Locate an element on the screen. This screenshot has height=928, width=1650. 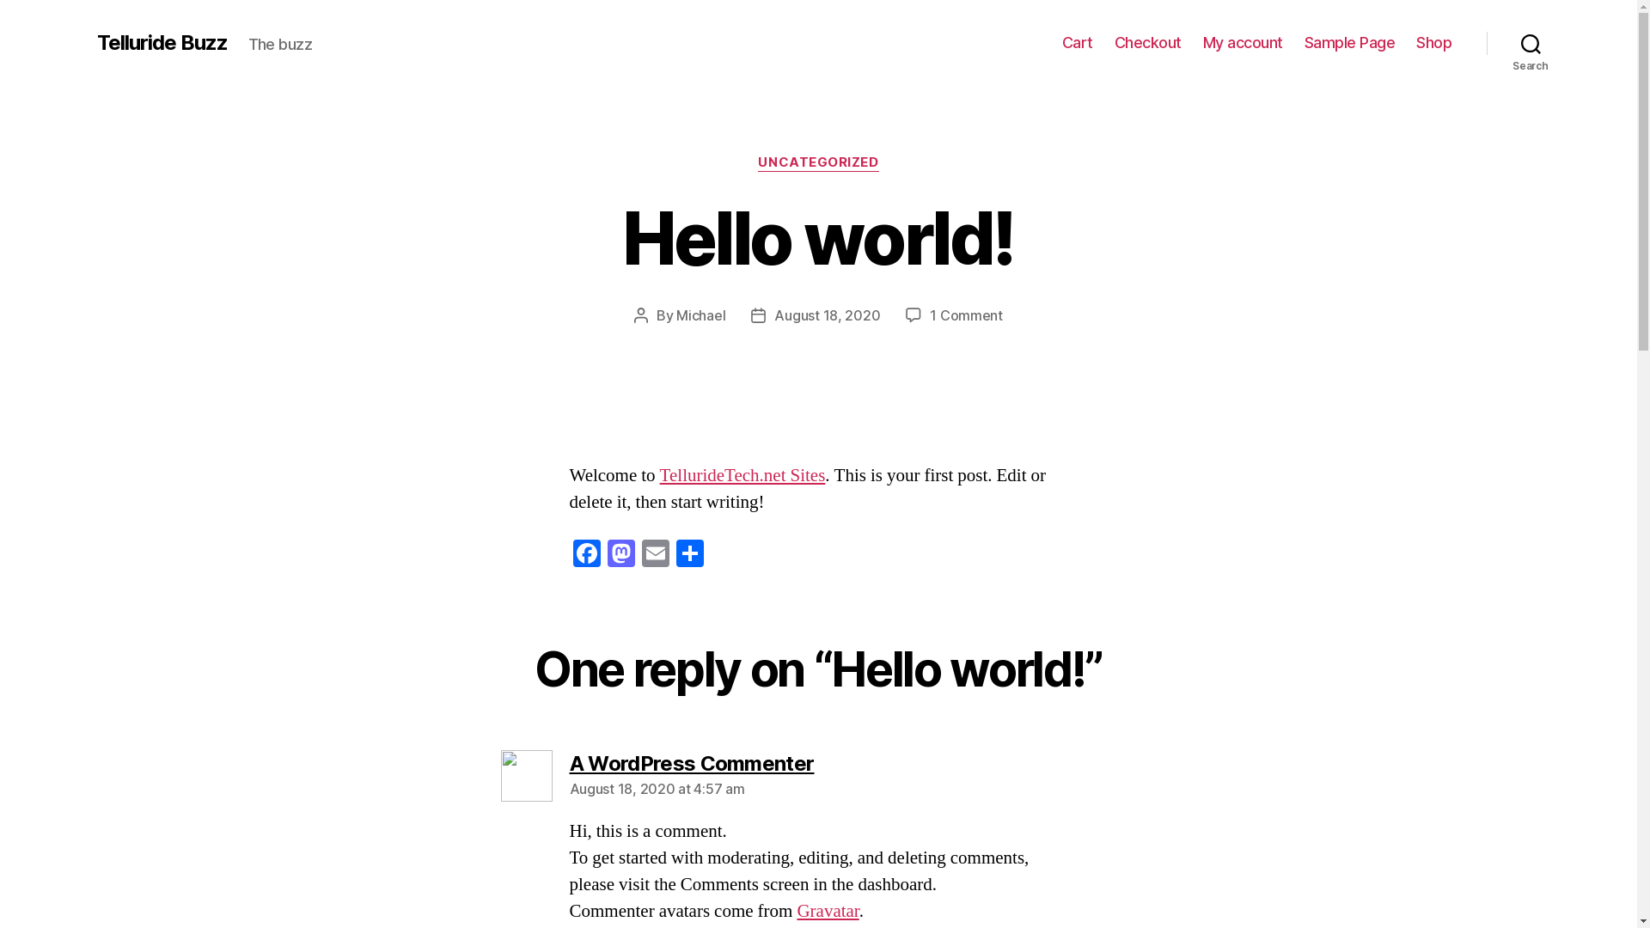
'A WordPress Commenter is located at coordinates (691, 762).